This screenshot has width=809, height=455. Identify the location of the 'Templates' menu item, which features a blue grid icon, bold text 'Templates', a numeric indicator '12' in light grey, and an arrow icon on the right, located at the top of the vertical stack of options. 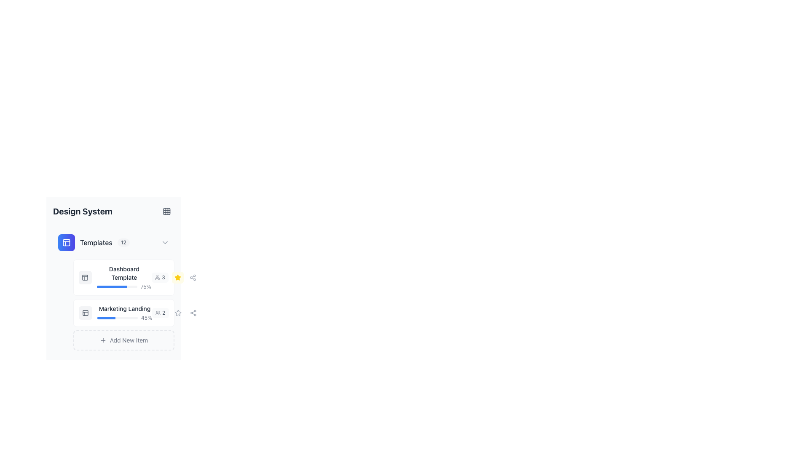
(113, 242).